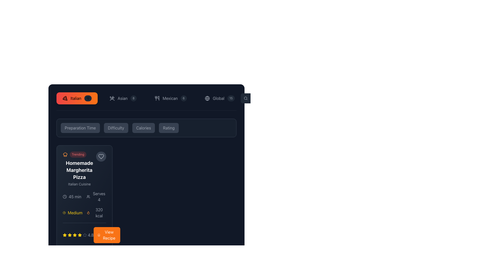  Describe the element at coordinates (65, 154) in the screenshot. I see `the chef's hat icon representing the Italian cuisine category located in the navigation bar` at that location.